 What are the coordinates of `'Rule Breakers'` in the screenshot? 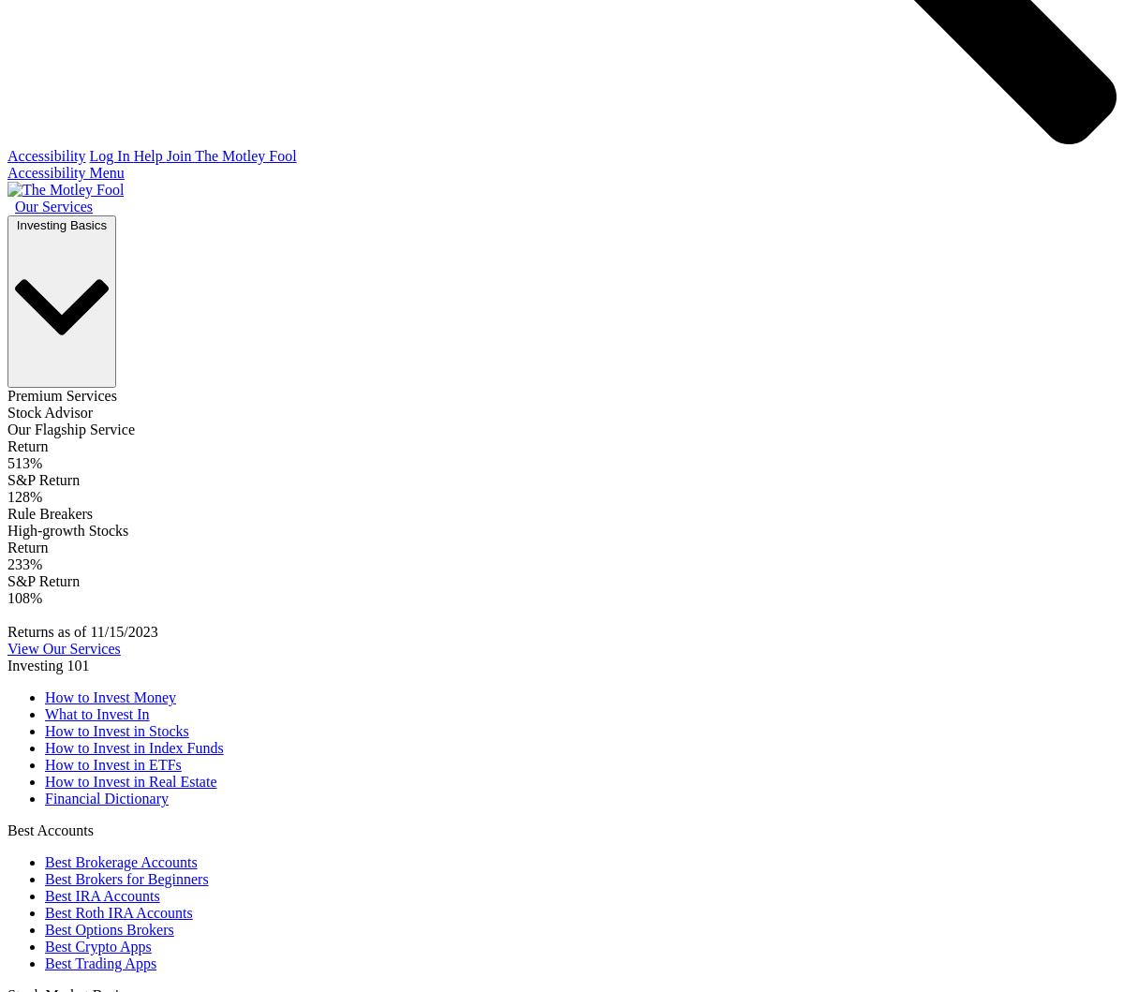 It's located at (50, 512).